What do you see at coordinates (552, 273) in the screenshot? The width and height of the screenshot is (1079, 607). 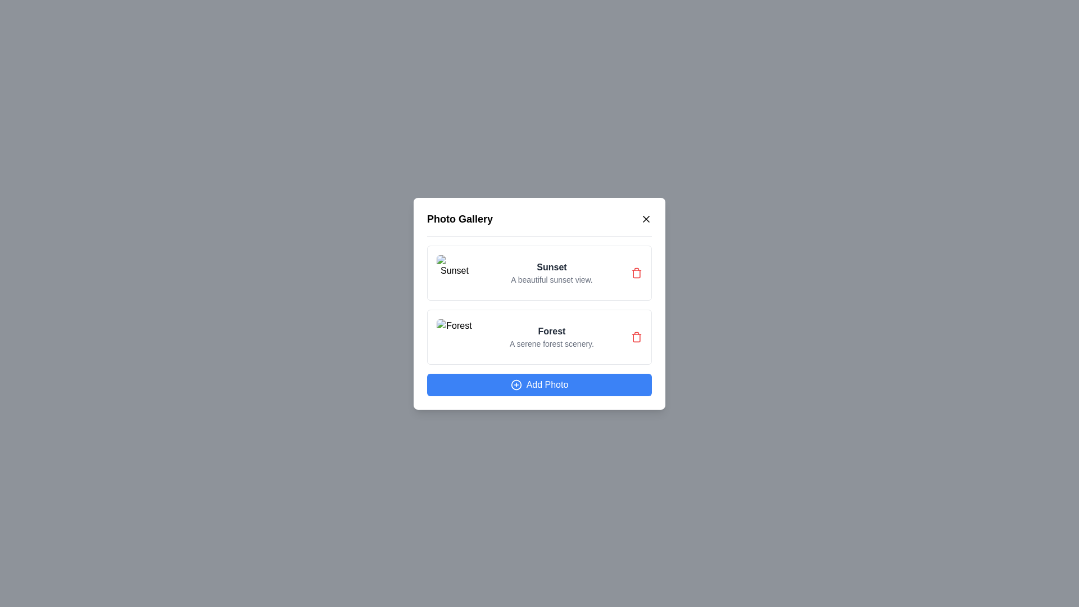 I see `the text block displaying 'Sunset' and 'A beautiful sunset view.' located to the right of a small square image and above a red delete button in the 'Photo Gallery' list` at bounding box center [552, 273].